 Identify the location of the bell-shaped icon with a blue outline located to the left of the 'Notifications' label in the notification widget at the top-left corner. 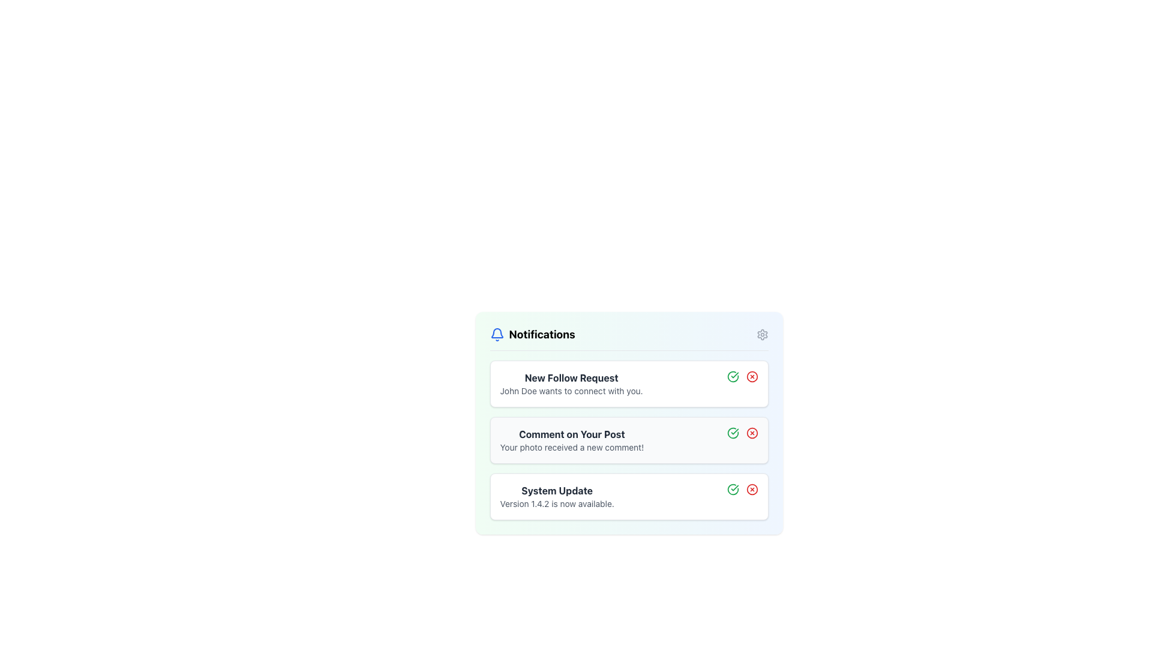
(497, 335).